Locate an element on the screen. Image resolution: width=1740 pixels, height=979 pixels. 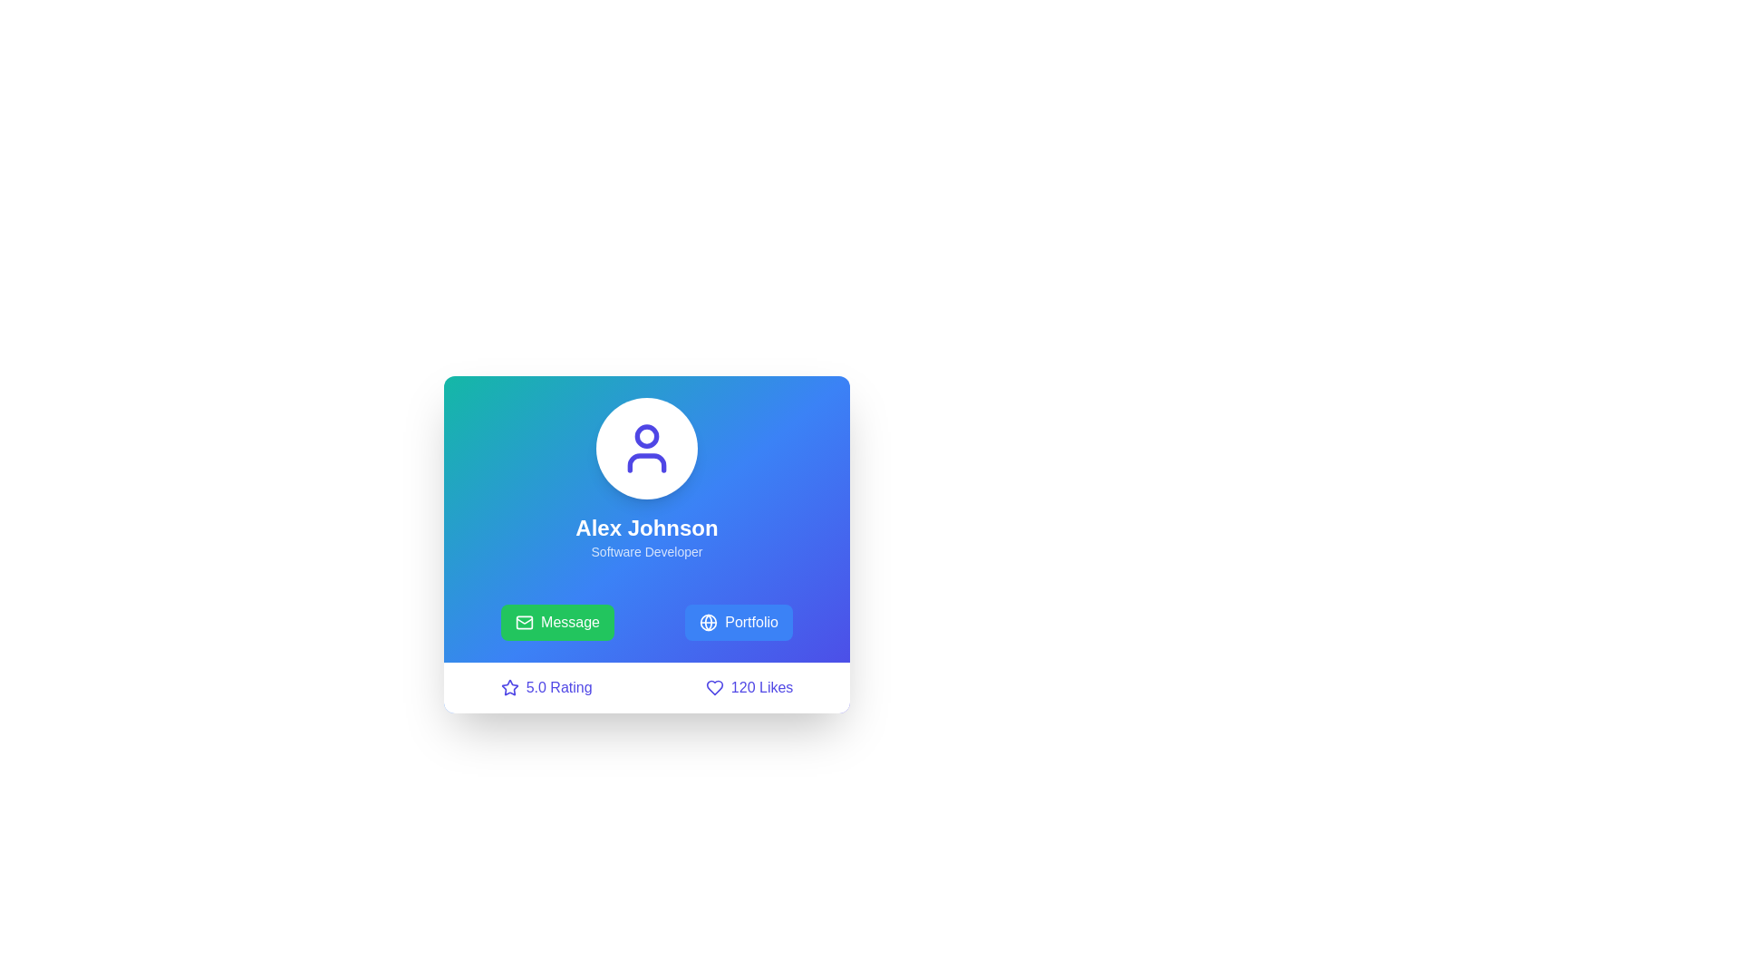
displayed information in the Information Block, which summarizes the user's rating and number of likes, located at the bottom of the card interface is located at coordinates (647, 688).